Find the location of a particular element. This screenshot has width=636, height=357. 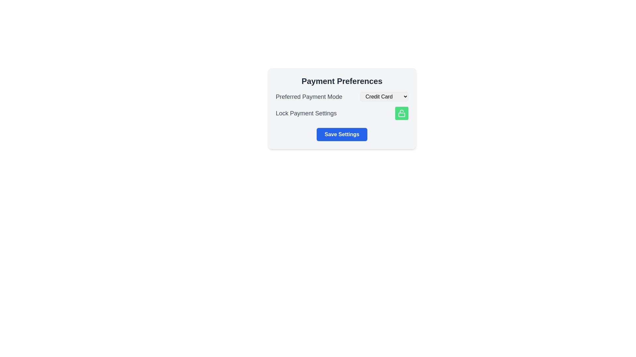

the Dropdown menu located in the 'Preferred Payment Mode' section of the 'Payment Preferences' dialog box is located at coordinates (384, 97).